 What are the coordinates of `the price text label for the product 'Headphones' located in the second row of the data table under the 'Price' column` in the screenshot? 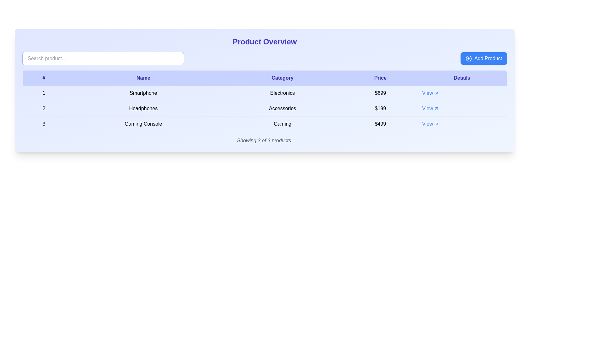 It's located at (380, 108).